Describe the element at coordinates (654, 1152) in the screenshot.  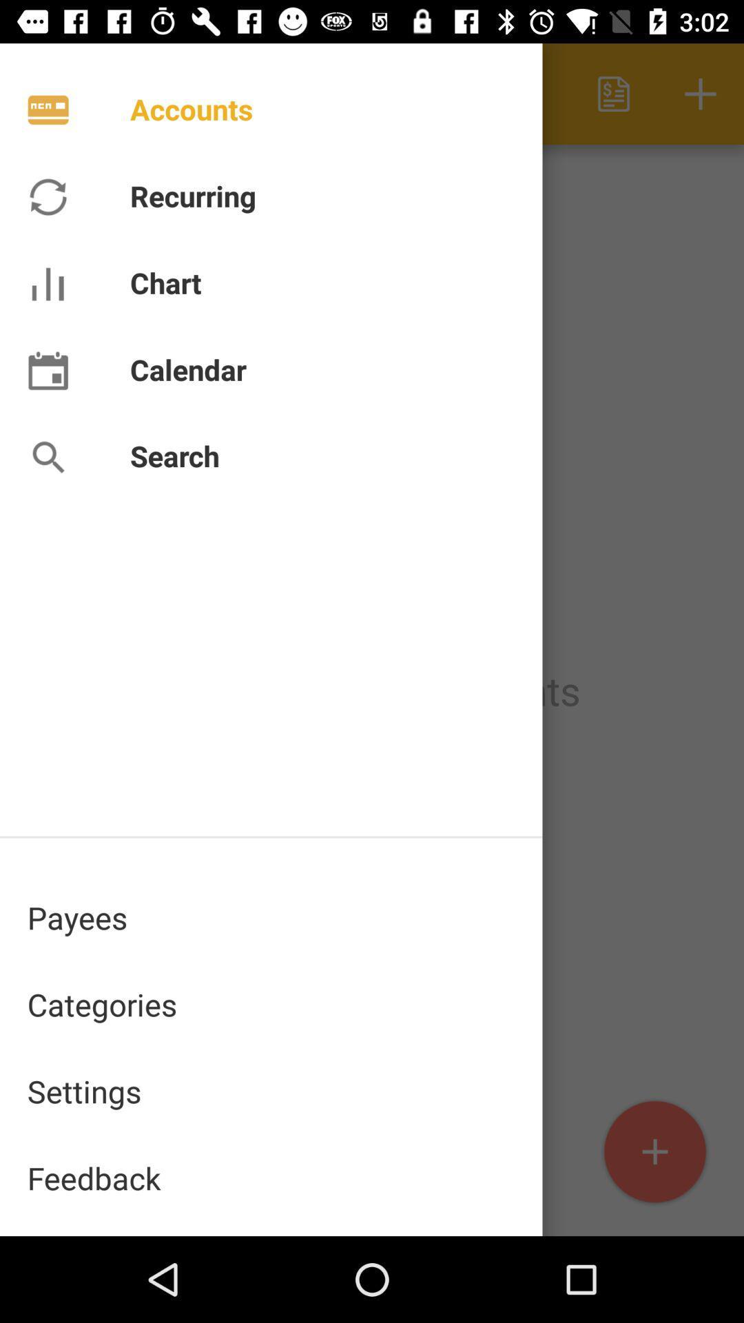
I see `the add icon` at that location.